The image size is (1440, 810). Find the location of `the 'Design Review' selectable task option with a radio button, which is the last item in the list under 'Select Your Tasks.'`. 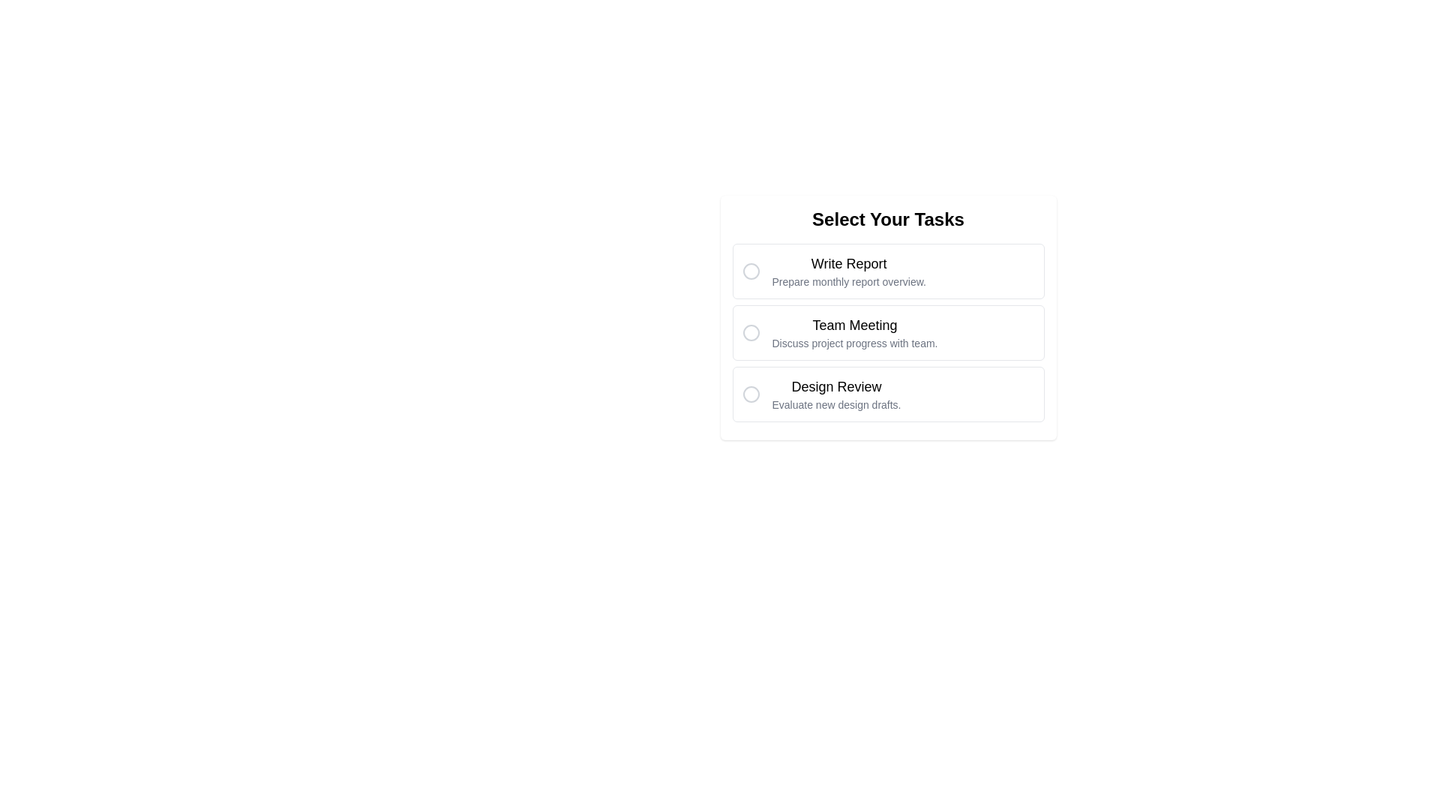

the 'Design Review' selectable task option with a radio button, which is the last item in the list under 'Select Your Tasks.' is located at coordinates (888, 393).